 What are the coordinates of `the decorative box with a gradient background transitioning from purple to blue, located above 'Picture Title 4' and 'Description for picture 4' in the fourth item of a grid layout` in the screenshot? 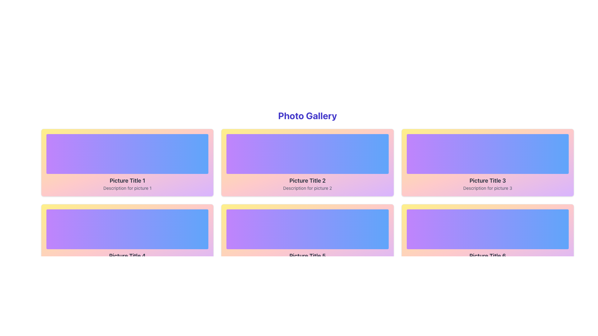 It's located at (127, 229).